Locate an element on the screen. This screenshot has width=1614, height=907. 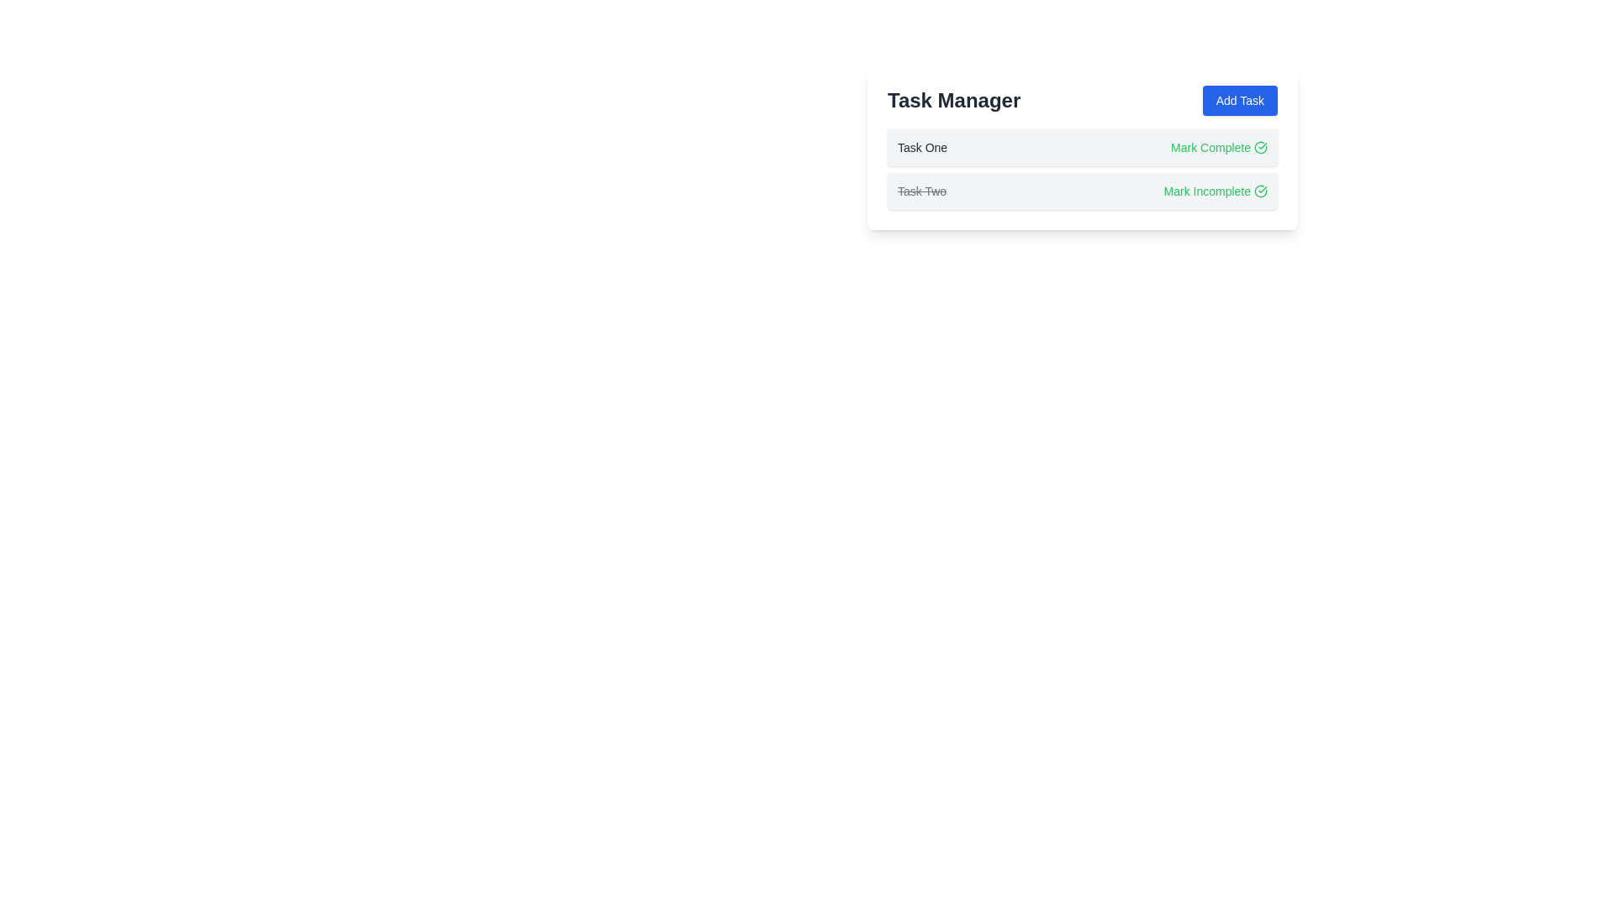
the 'Task One' item from the task list is located at coordinates (1082, 147).